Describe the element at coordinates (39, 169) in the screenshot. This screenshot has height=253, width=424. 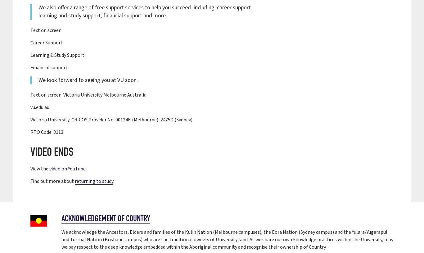
I see `'View the'` at that location.